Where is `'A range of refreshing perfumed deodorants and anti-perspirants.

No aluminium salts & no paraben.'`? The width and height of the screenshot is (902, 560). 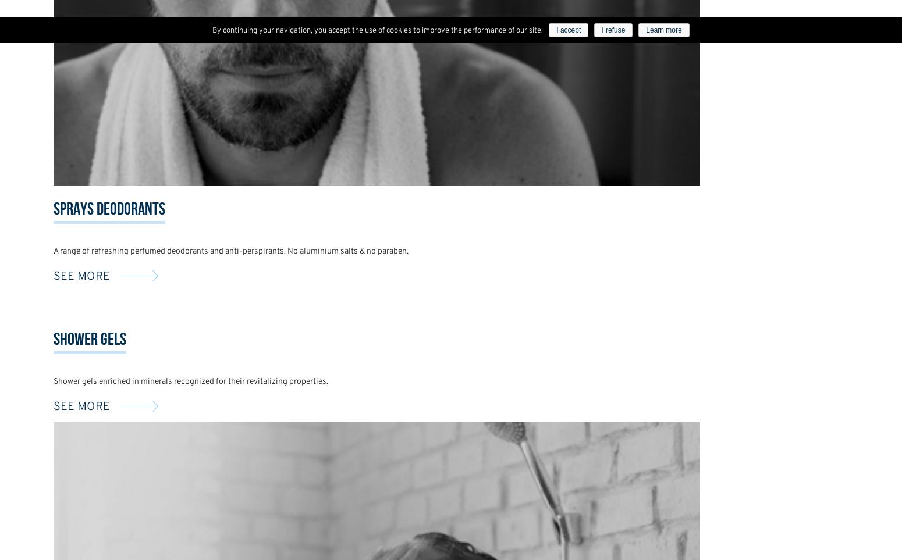 'A range of refreshing perfumed deodorants and anti-perspirants.

No aluminium salts & no paraben.' is located at coordinates (54, 251).